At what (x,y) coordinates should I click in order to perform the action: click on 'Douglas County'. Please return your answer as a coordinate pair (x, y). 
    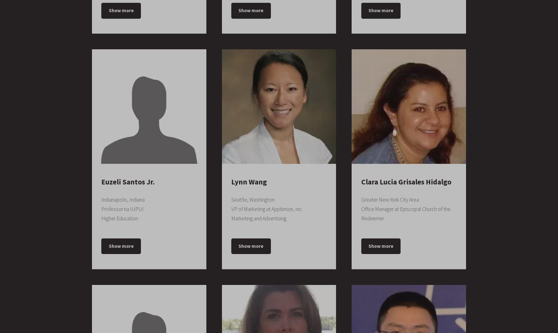
    Looking at the image, I should click on (249, 257).